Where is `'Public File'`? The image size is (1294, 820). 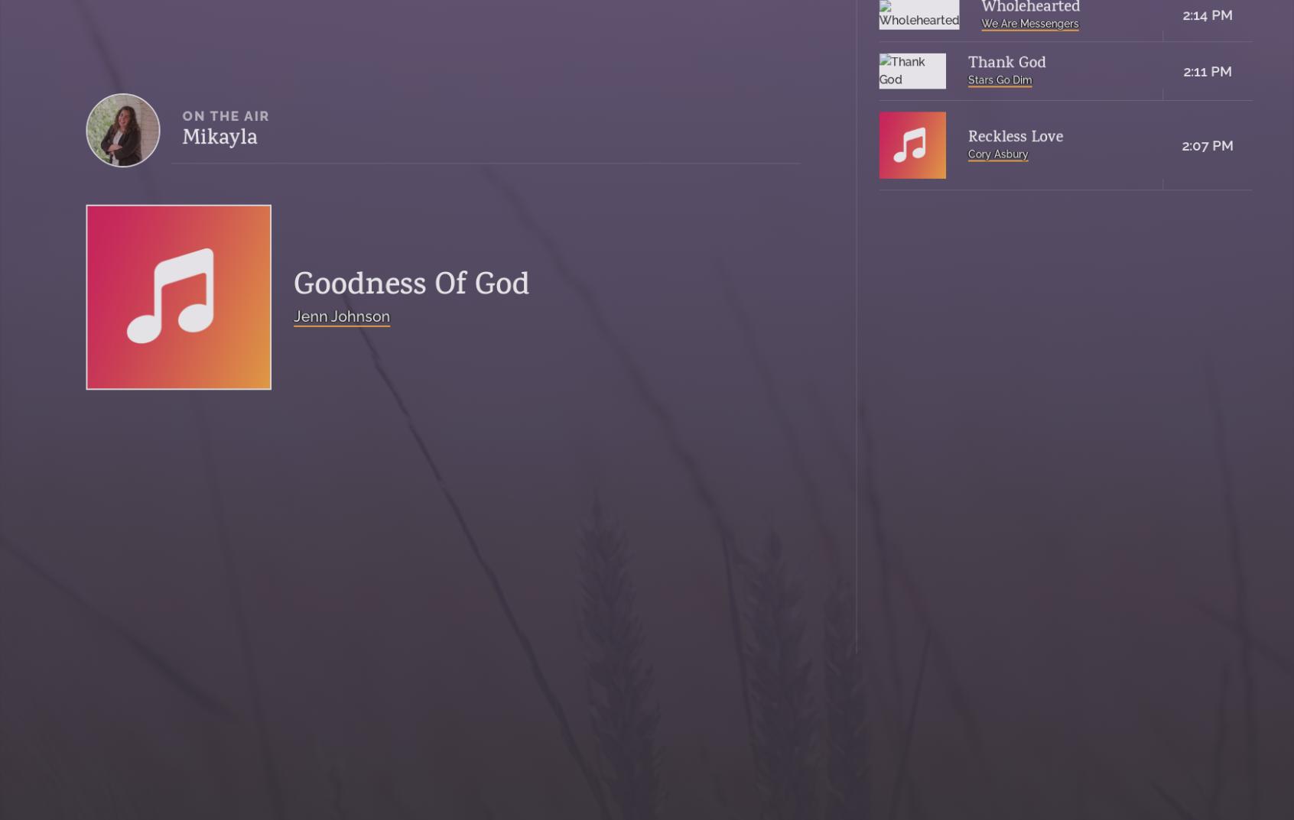
'Public File' is located at coordinates (314, 650).